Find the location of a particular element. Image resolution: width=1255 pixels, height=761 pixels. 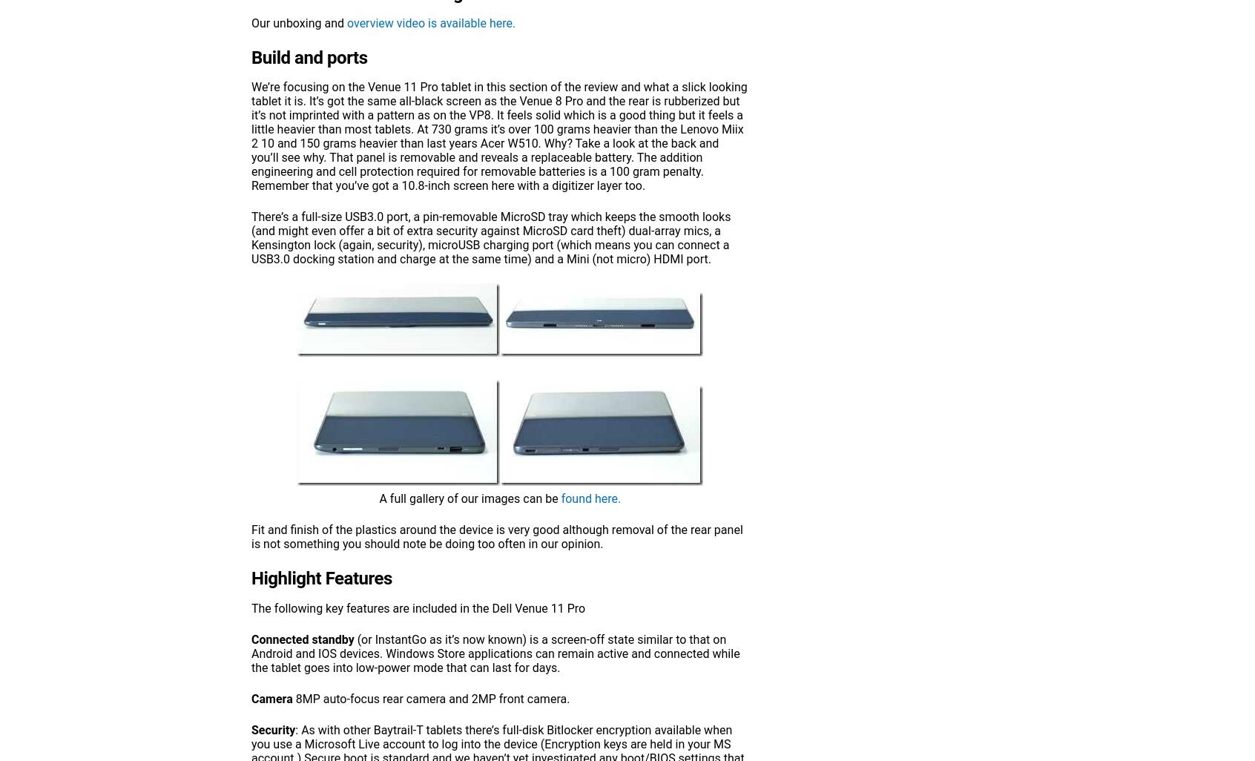

'Fit and finish of the plastics around the device is very good although removal of the rear panel is not something you should note be doing too often in our opinion.' is located at coordinates (497, 537).